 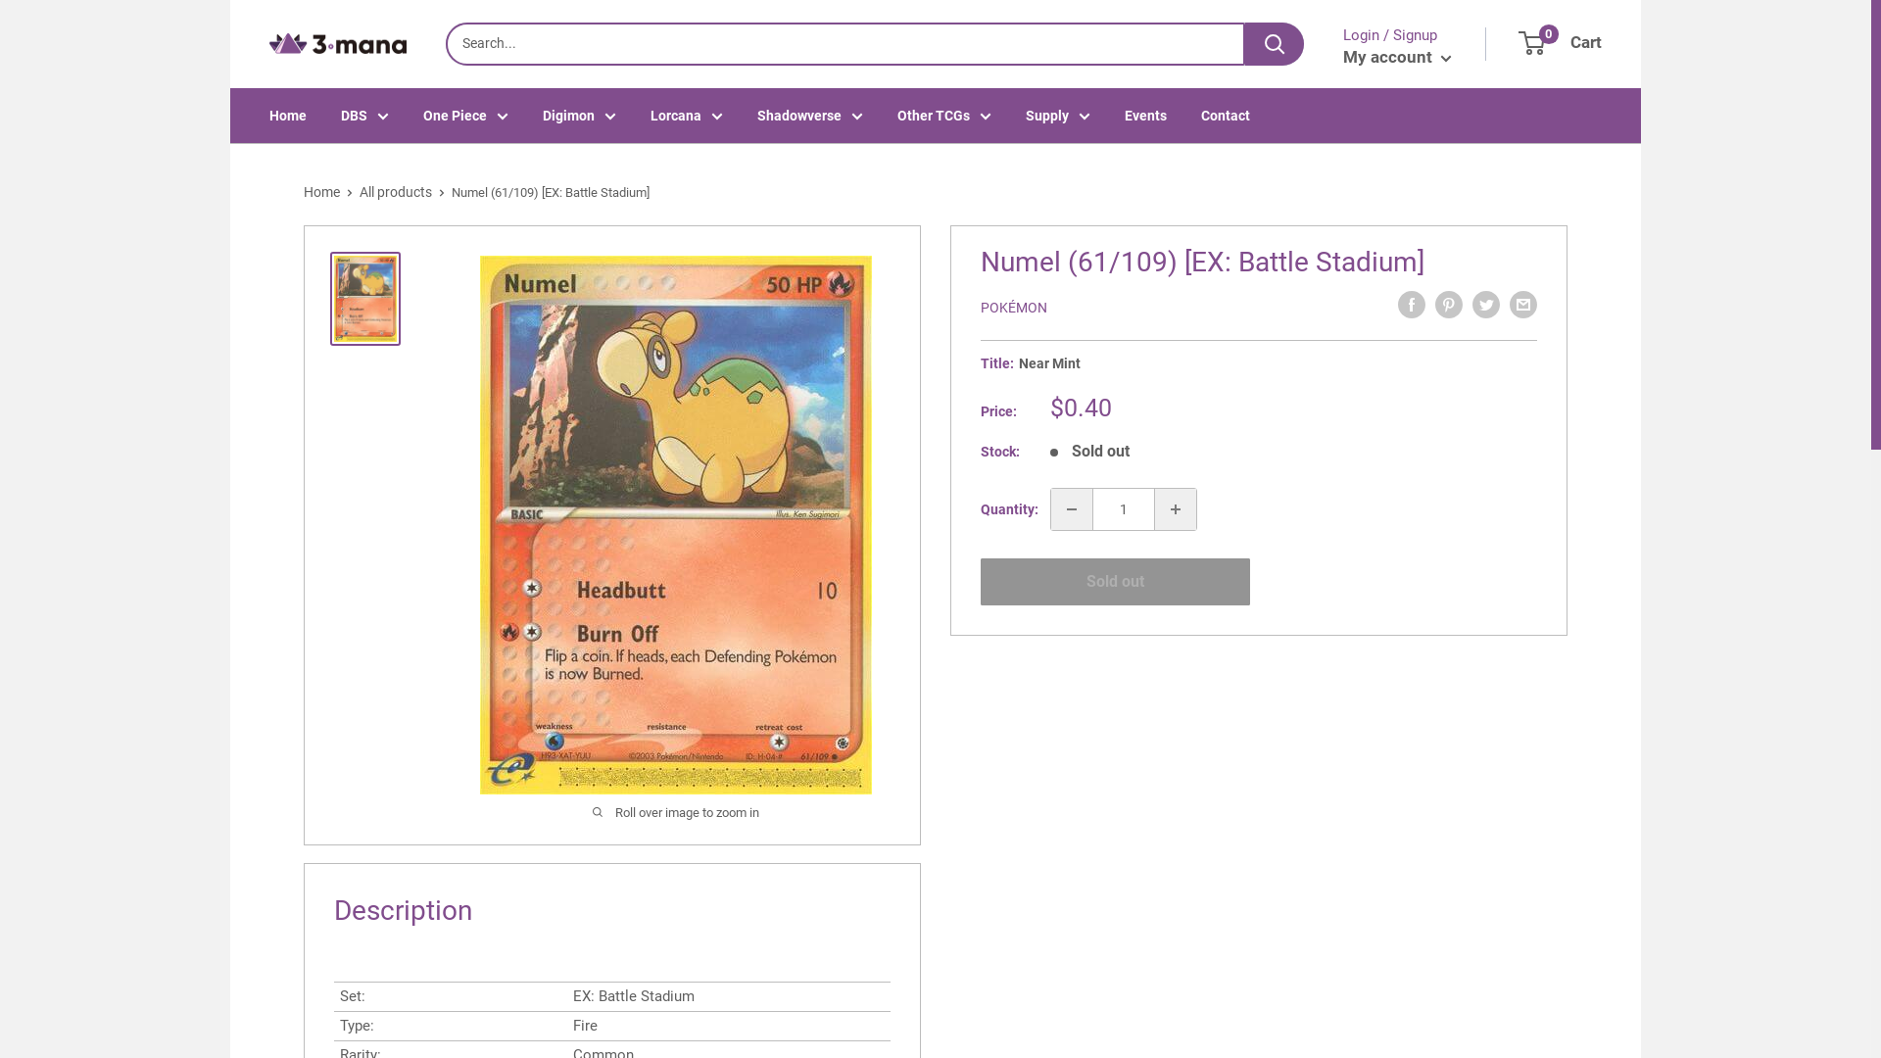 I want to click on 'Decrease quantity by 1', so click(x=1071, y=508).